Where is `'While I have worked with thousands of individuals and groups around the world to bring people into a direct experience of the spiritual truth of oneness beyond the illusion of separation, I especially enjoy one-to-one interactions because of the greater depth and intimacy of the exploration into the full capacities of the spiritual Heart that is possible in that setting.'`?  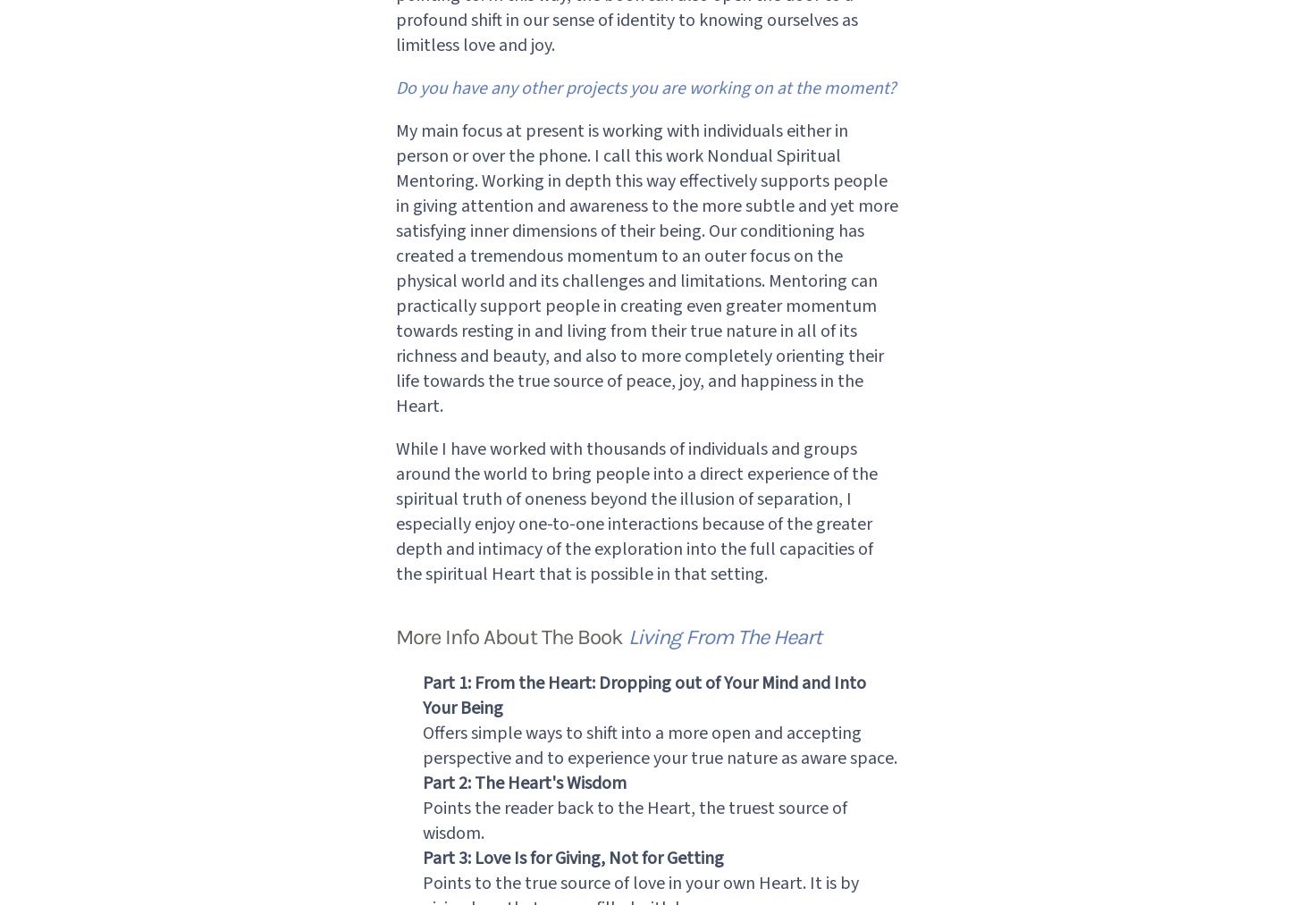 'While I have worked with thousands of individuals and groups around the world to bring people into a direct experience of the spiritual truth of oneness beyond the illusion of separation, I especially enjoy one-to-one interactions because of the greater depth and intimacy of the exploration into the full capacities of the spiritual Heart that is possible in that setting.' is located at coordinates (393, 511).